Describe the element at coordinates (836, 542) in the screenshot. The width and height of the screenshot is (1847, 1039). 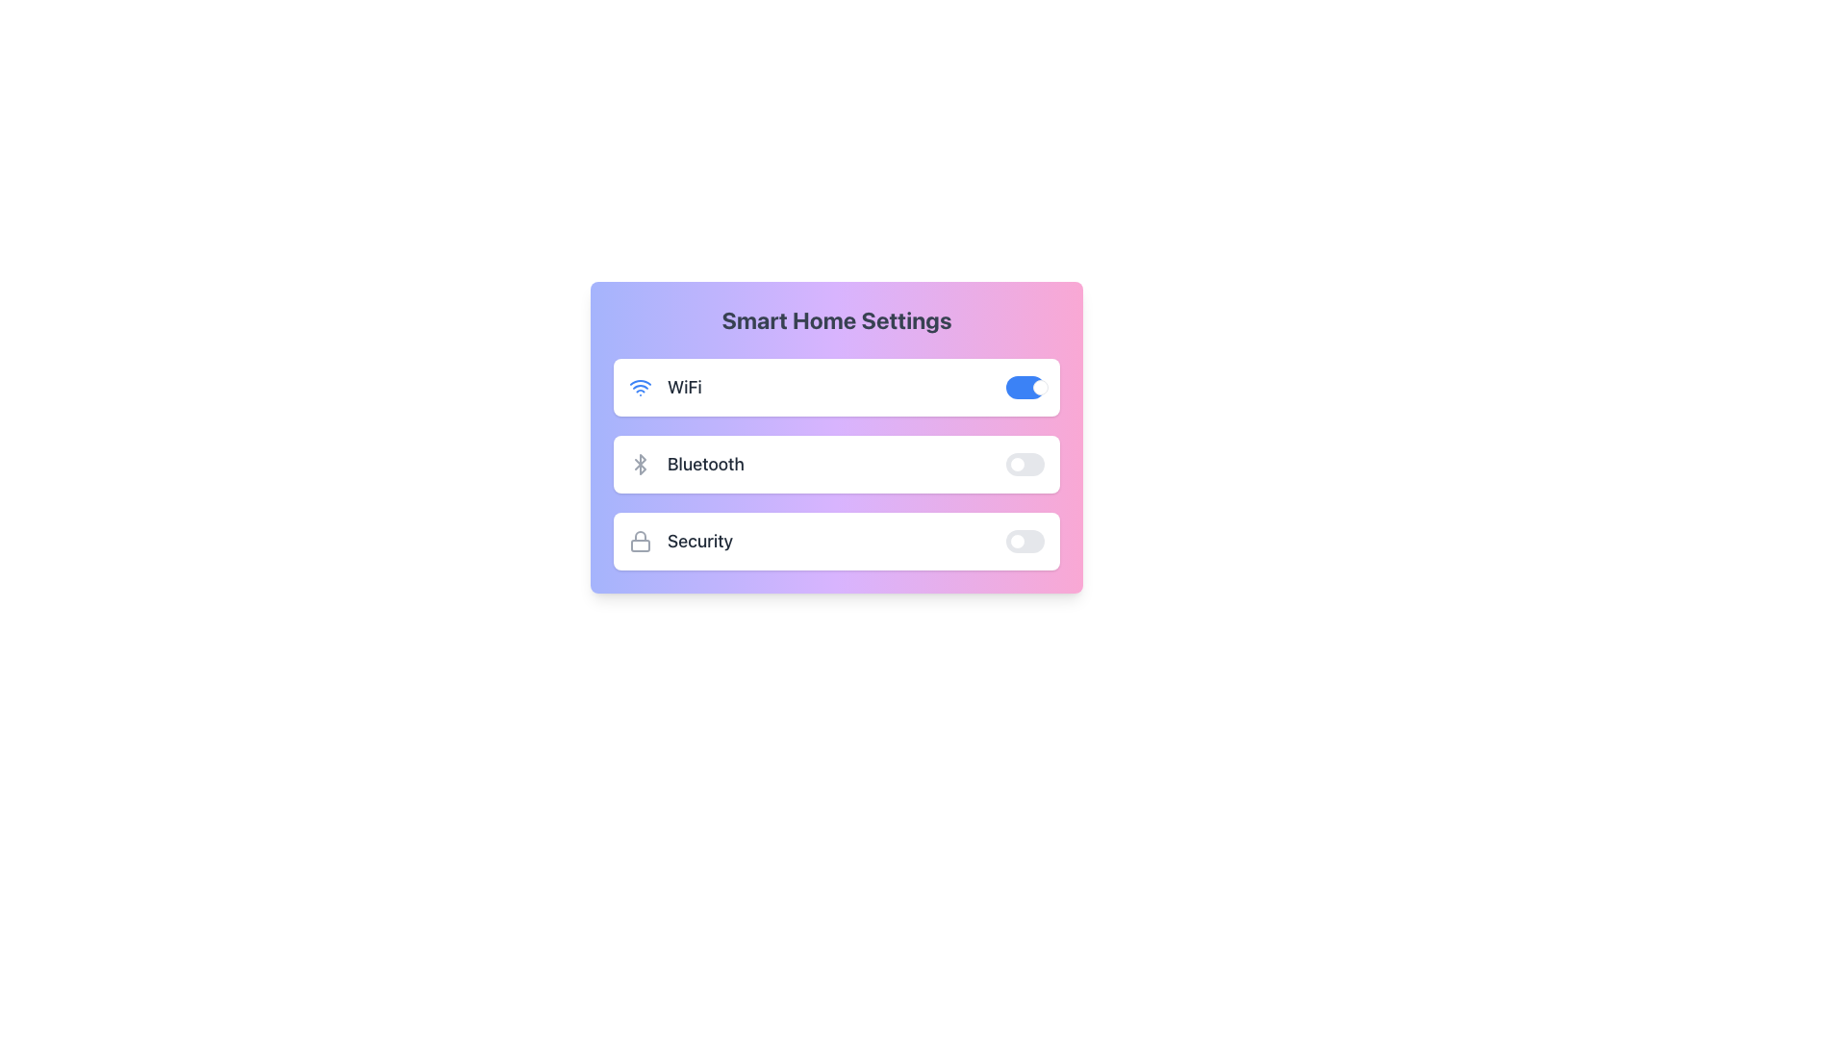
I see `the third Togglable List Item in the vertically aligned options list` at that location.